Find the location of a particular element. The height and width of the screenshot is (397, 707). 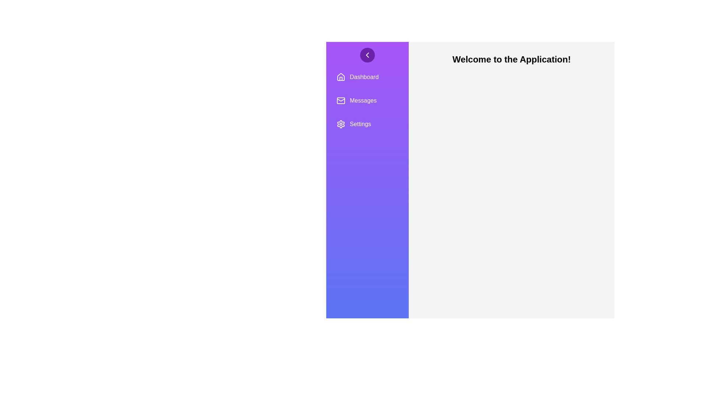

the 'home' icon in the vertical navigation menu with a purple gradient background located at the top-left area of the application interface is located at coordinates (341, 76).